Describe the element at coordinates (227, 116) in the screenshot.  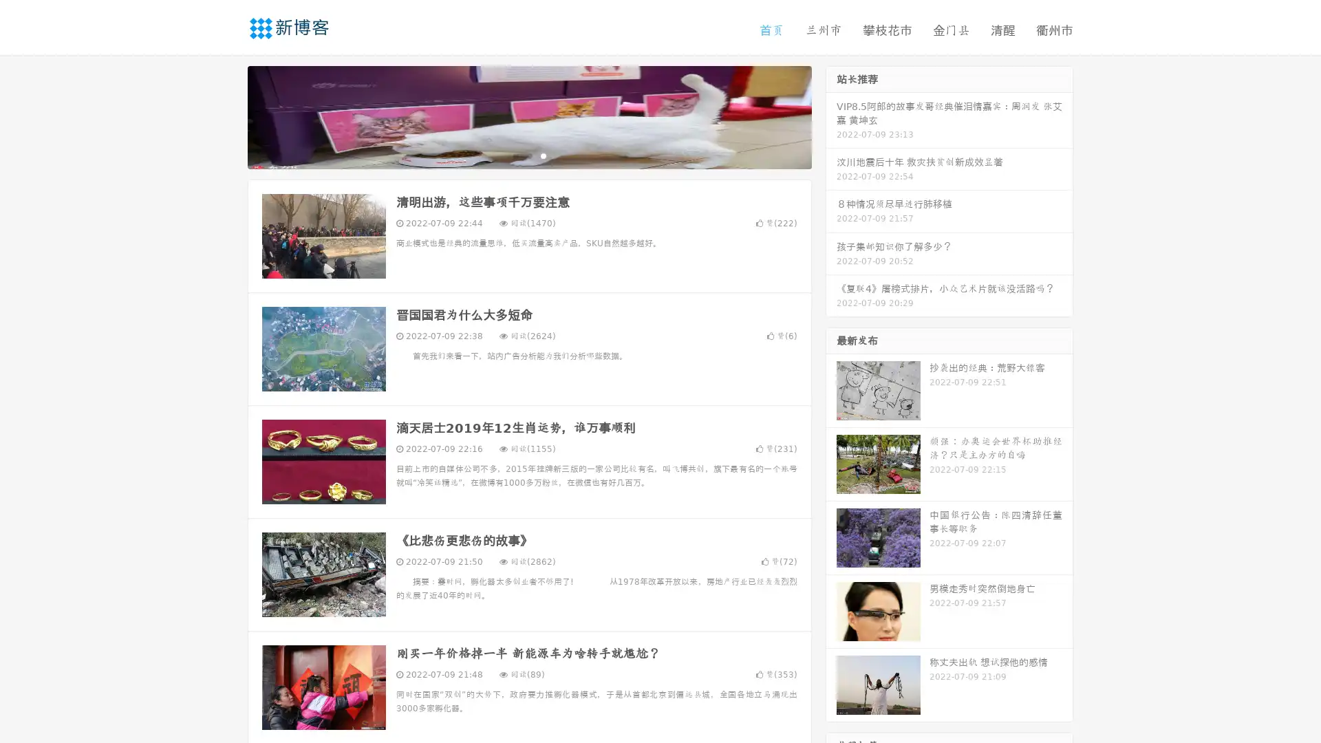
I see `Previous slide` at that location.